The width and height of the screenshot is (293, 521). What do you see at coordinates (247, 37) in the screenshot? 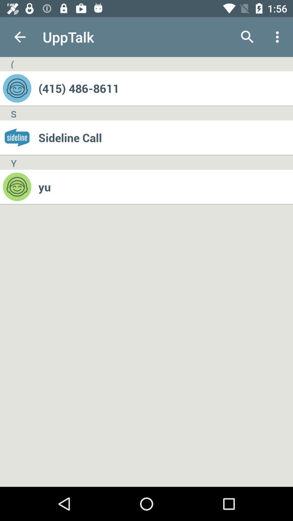
I see `app to the right of upptalk icon` at bounding box center [247, 37].